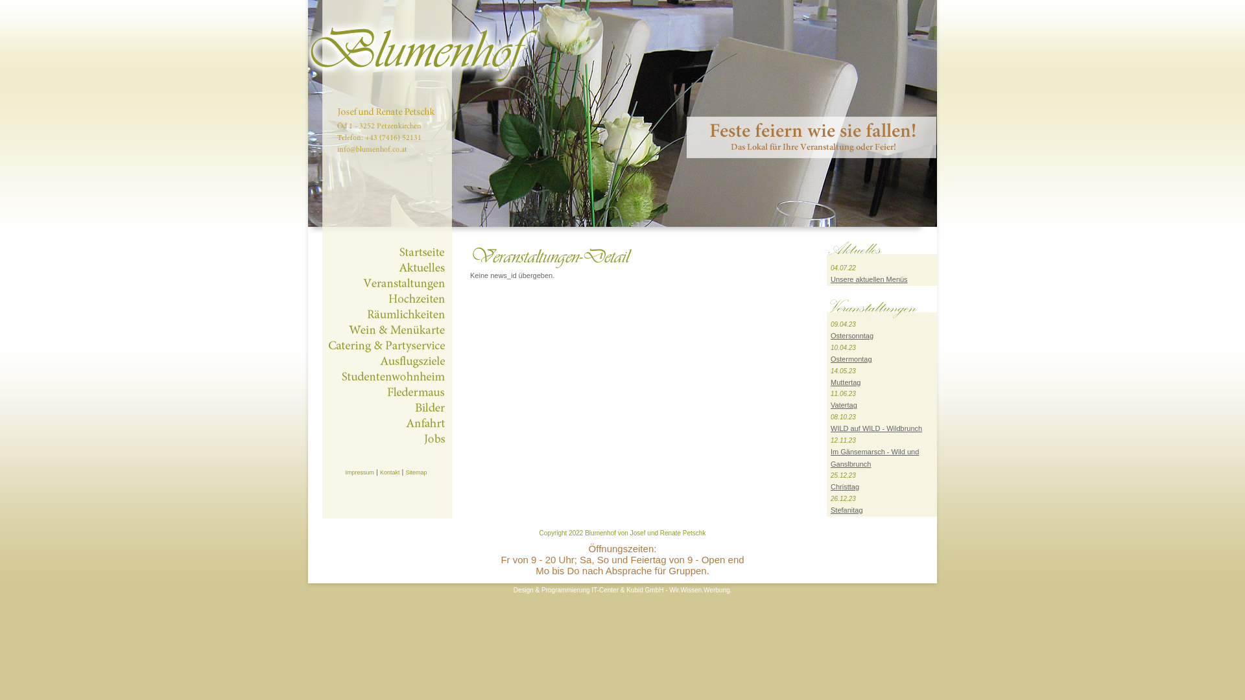  I want to click on 'Stefanitag', so click(846, 509).